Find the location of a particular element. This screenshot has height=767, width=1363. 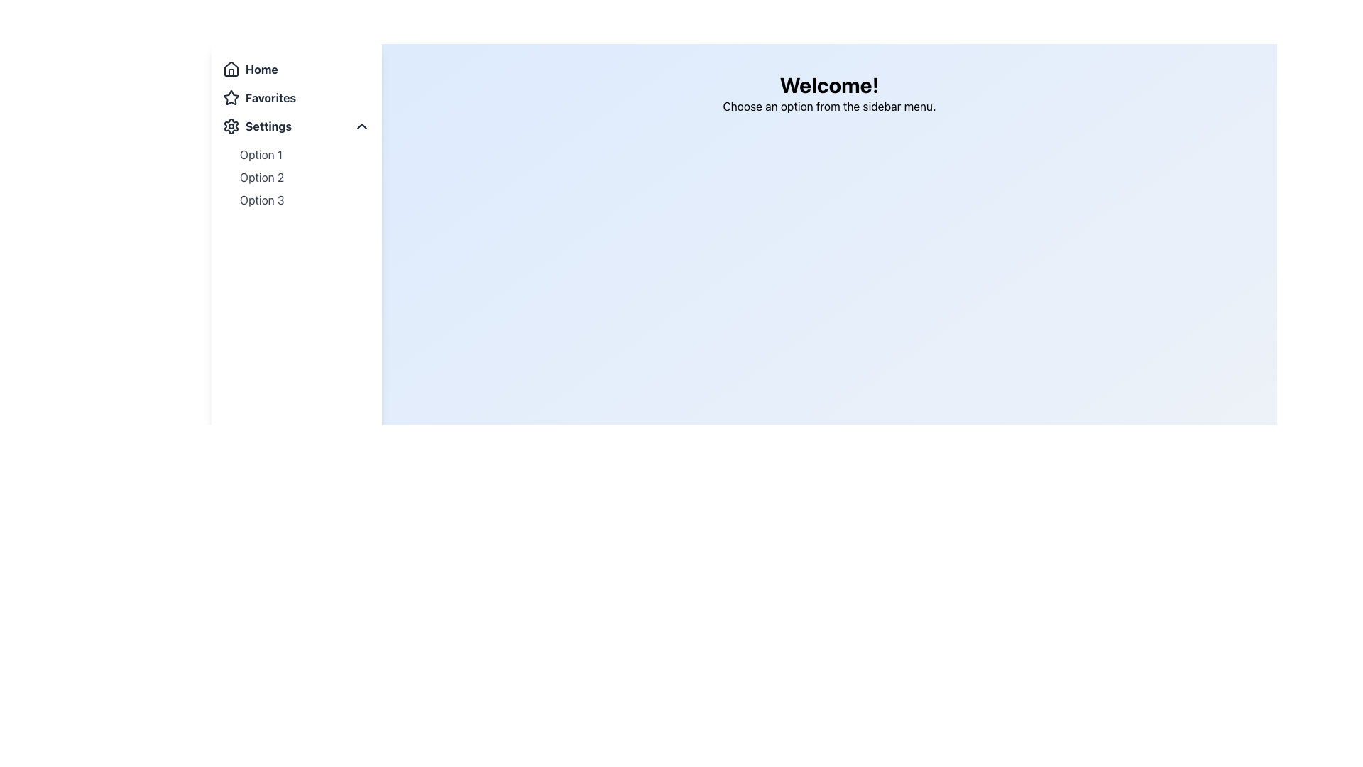

the third Text Button in the settings sidebar menu is located at coordinates (262, 200).